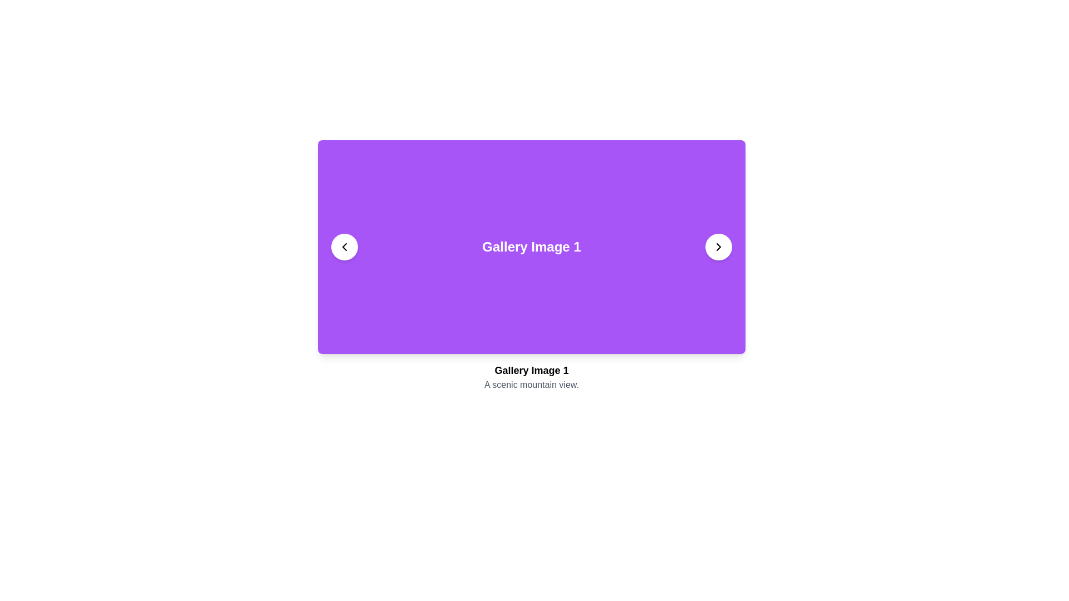 This screenshot has width=1069, height=601. I want to click on the circular icon on the left side of the purple section that navigates to the previous image in the gallery, so click(344, 246).